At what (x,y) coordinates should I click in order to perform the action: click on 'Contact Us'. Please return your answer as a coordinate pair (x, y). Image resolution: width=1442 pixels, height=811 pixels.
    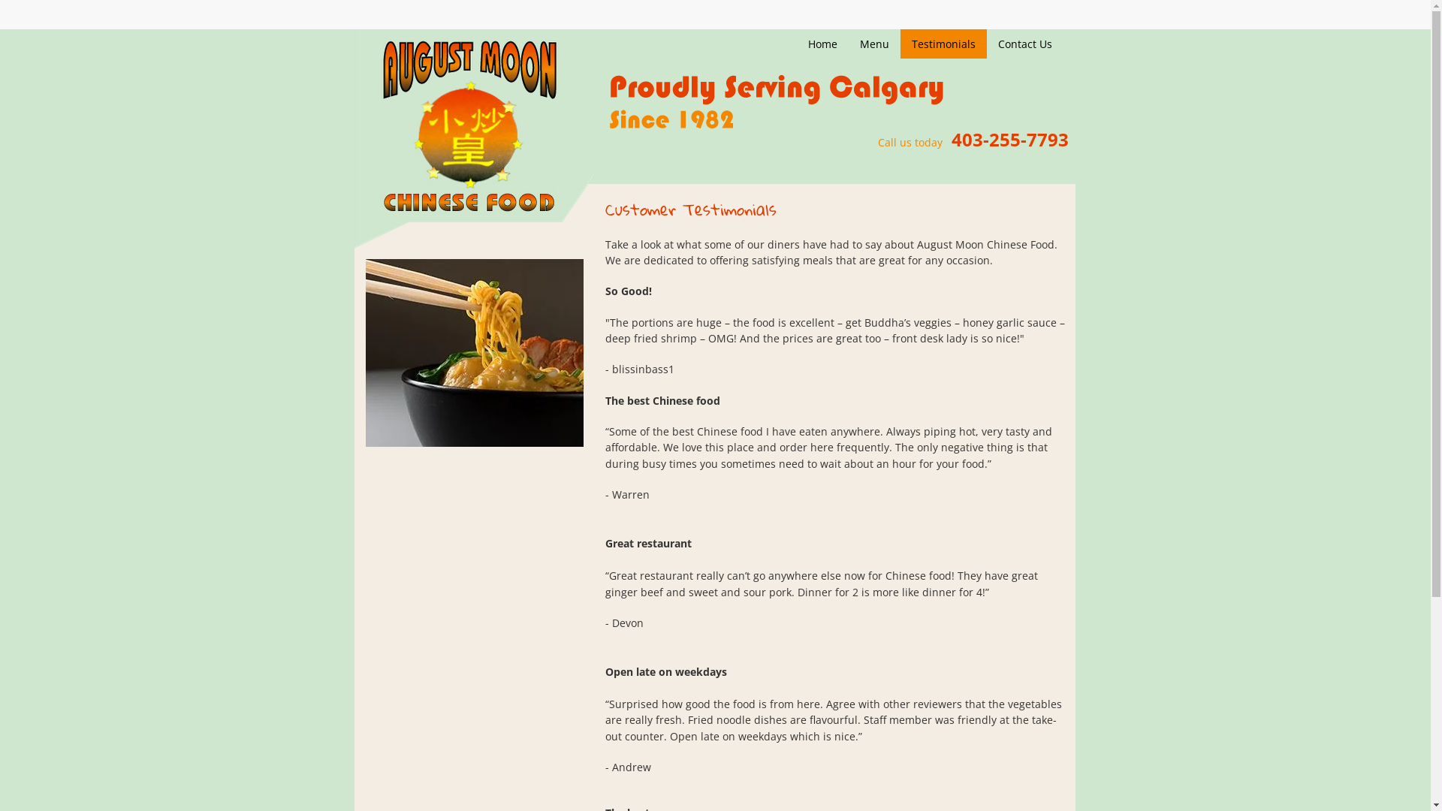
    Looking at the image, I should click on (1024, 43).